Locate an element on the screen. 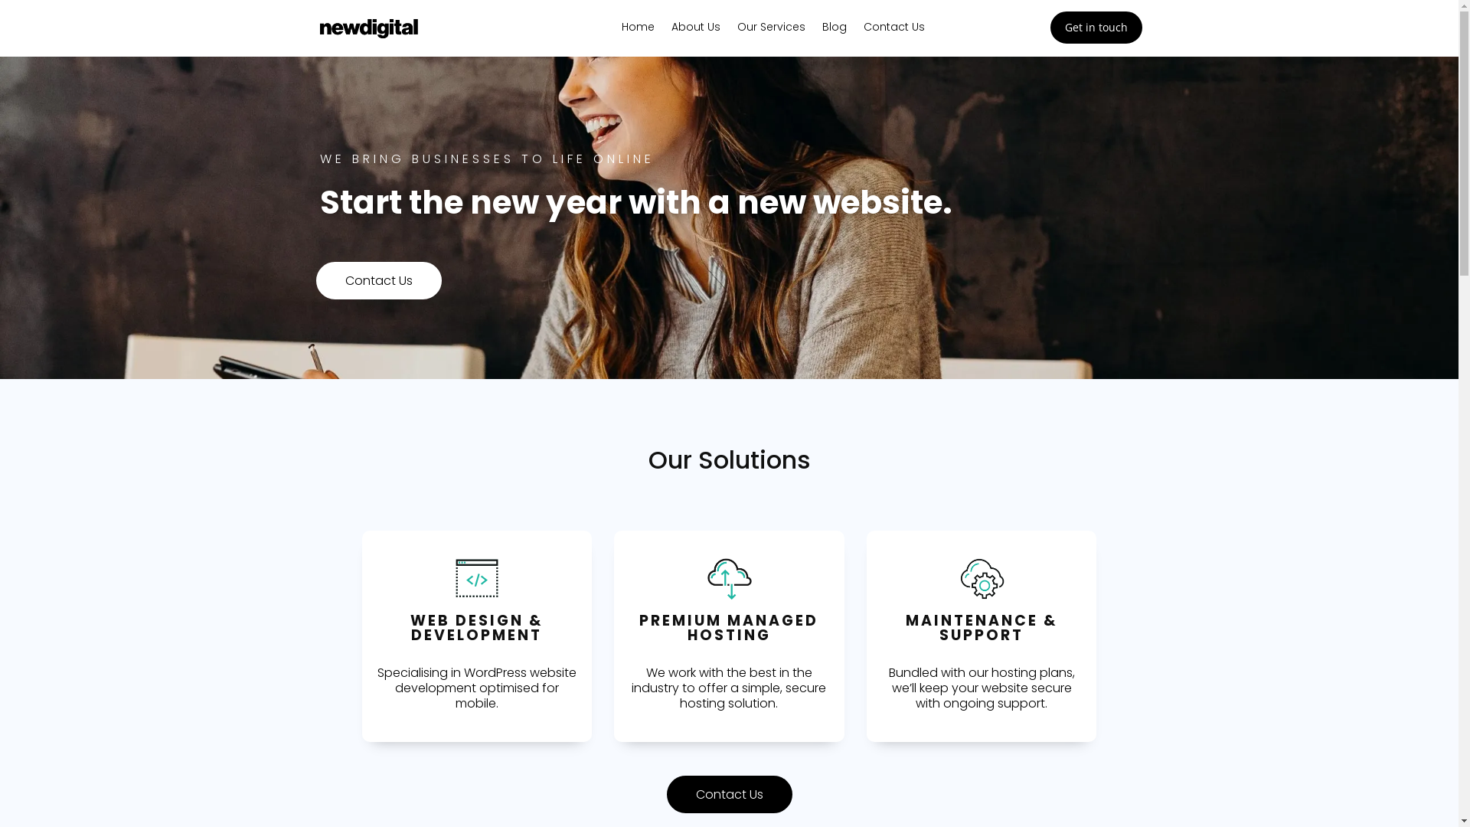 The image size is (1470, 827). 'About Us' is located at coordinates (694, 29).